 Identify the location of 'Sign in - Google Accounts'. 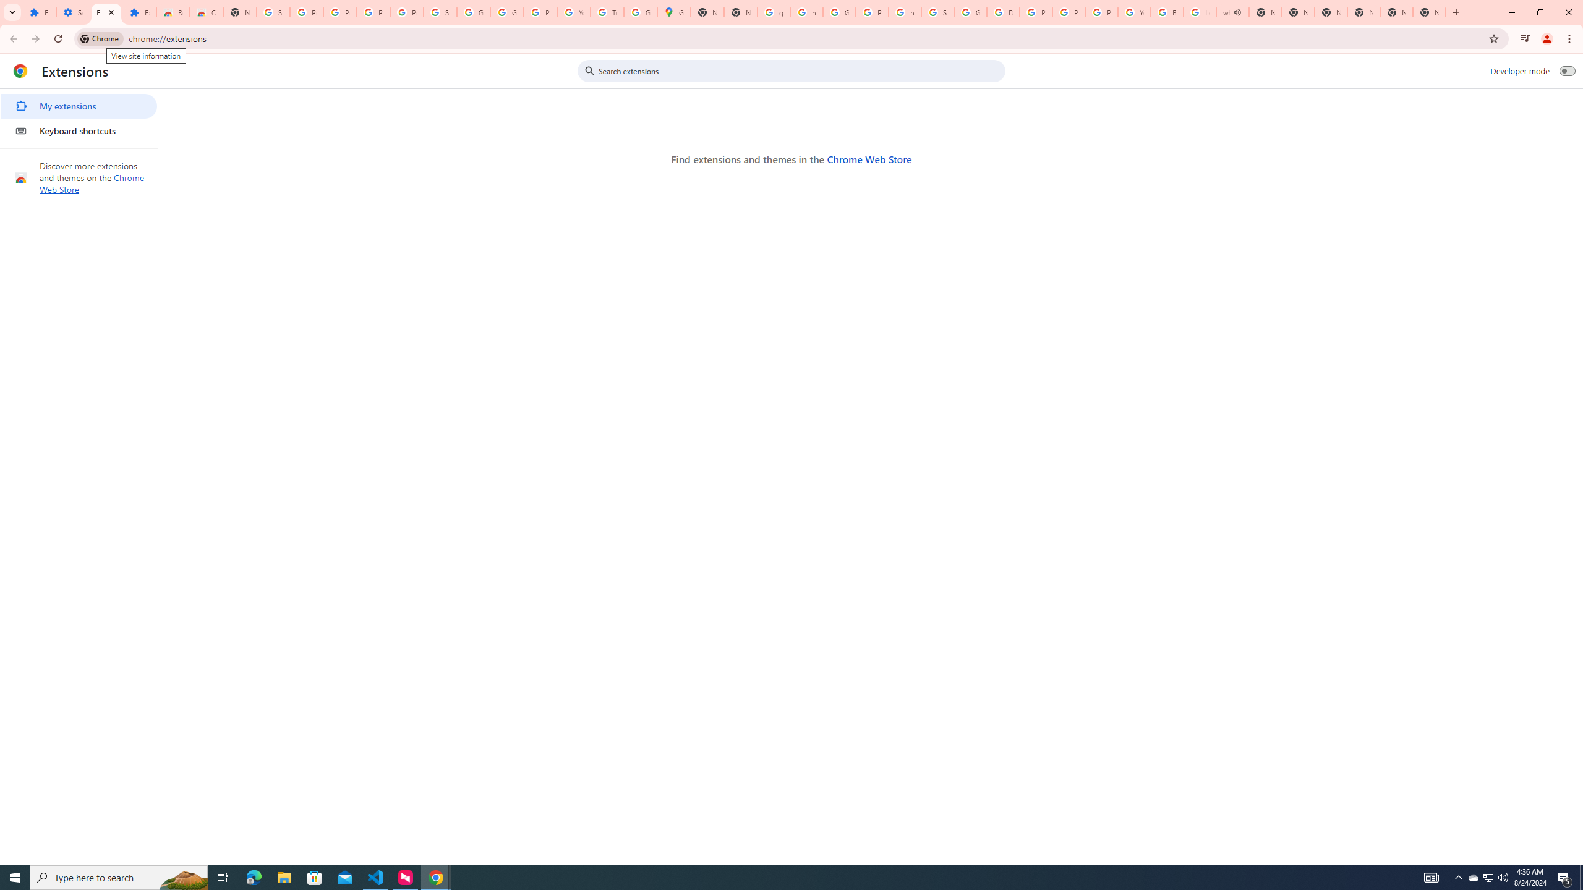
(273, 12).